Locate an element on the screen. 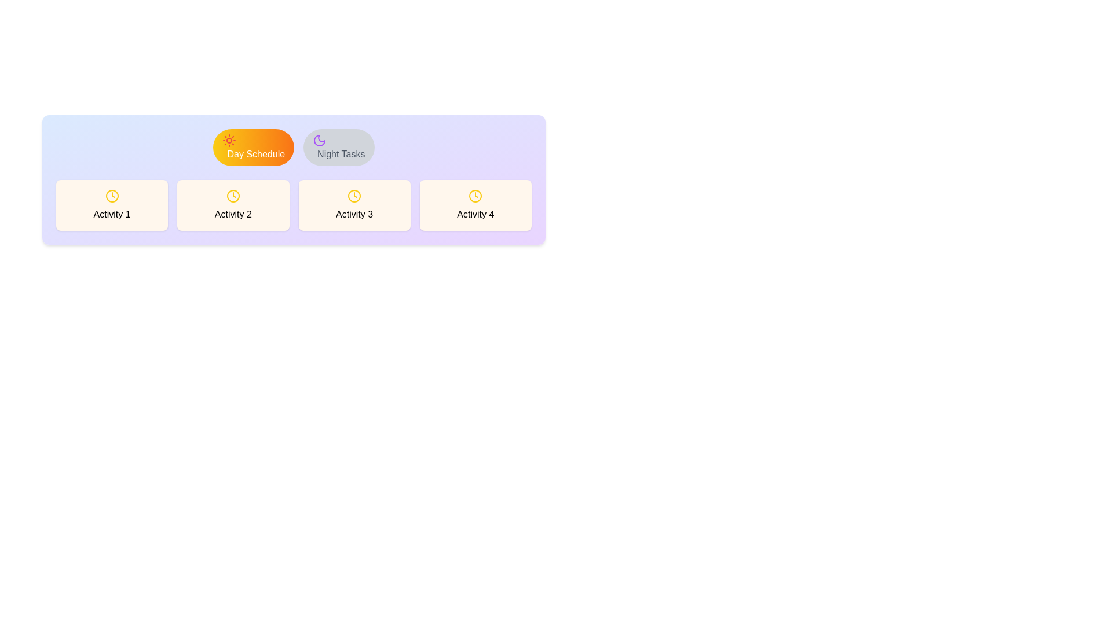 This screenshot has height=625, width=1112. the text Activity 2 within the content is located at coordinates (232, 204).